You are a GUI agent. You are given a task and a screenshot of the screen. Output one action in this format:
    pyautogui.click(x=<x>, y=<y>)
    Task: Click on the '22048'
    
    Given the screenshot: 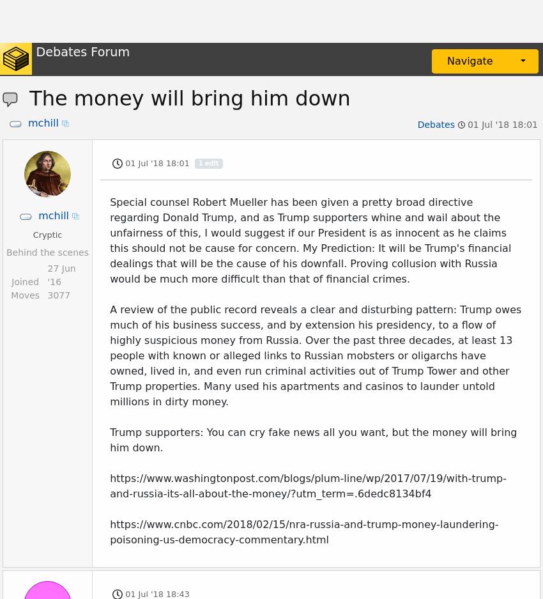 What is the action you would take?
    pyautogui.click(x=61, y=175)
    